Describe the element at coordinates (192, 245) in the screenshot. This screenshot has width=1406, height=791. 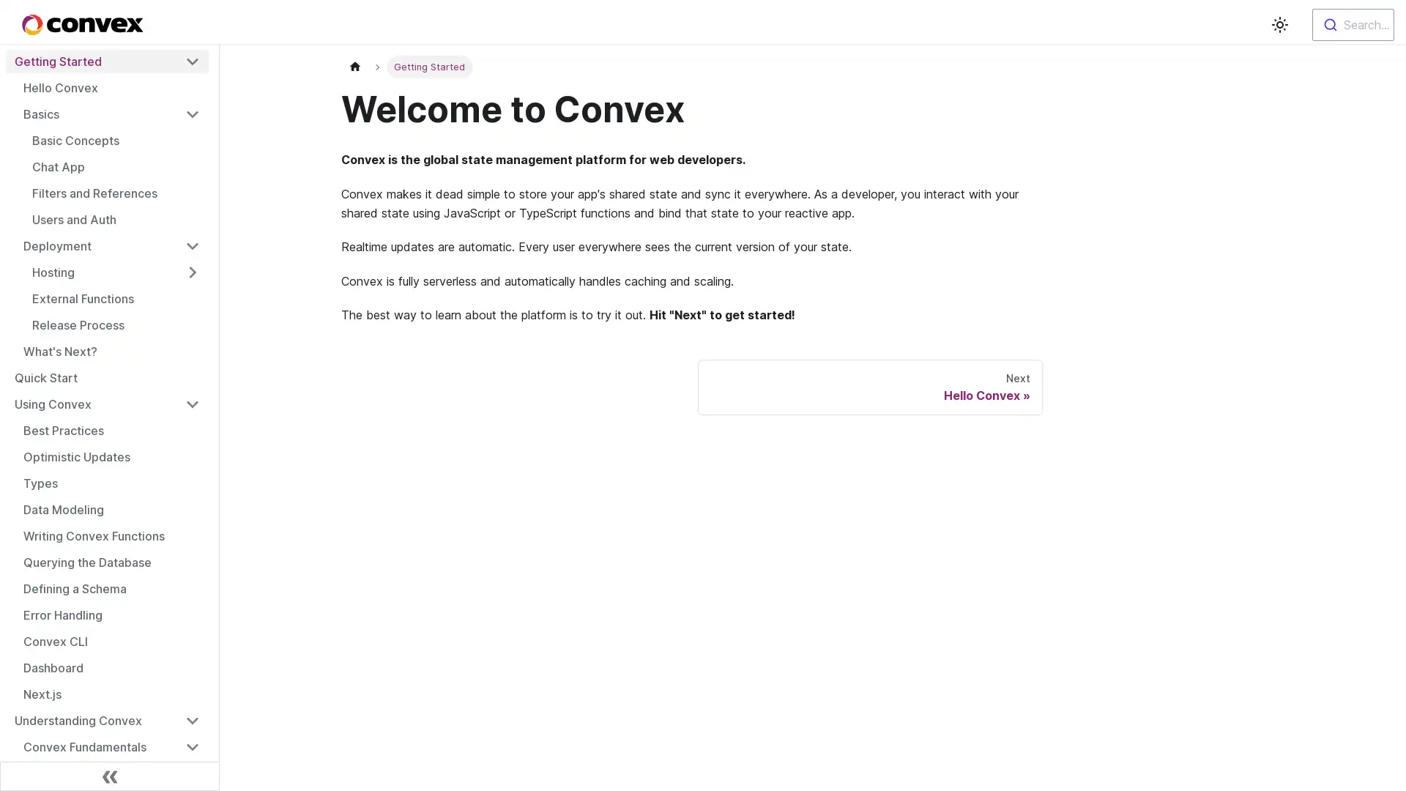
I see `Toggle the collapsible sidebar category 'Deployment'` at that location.